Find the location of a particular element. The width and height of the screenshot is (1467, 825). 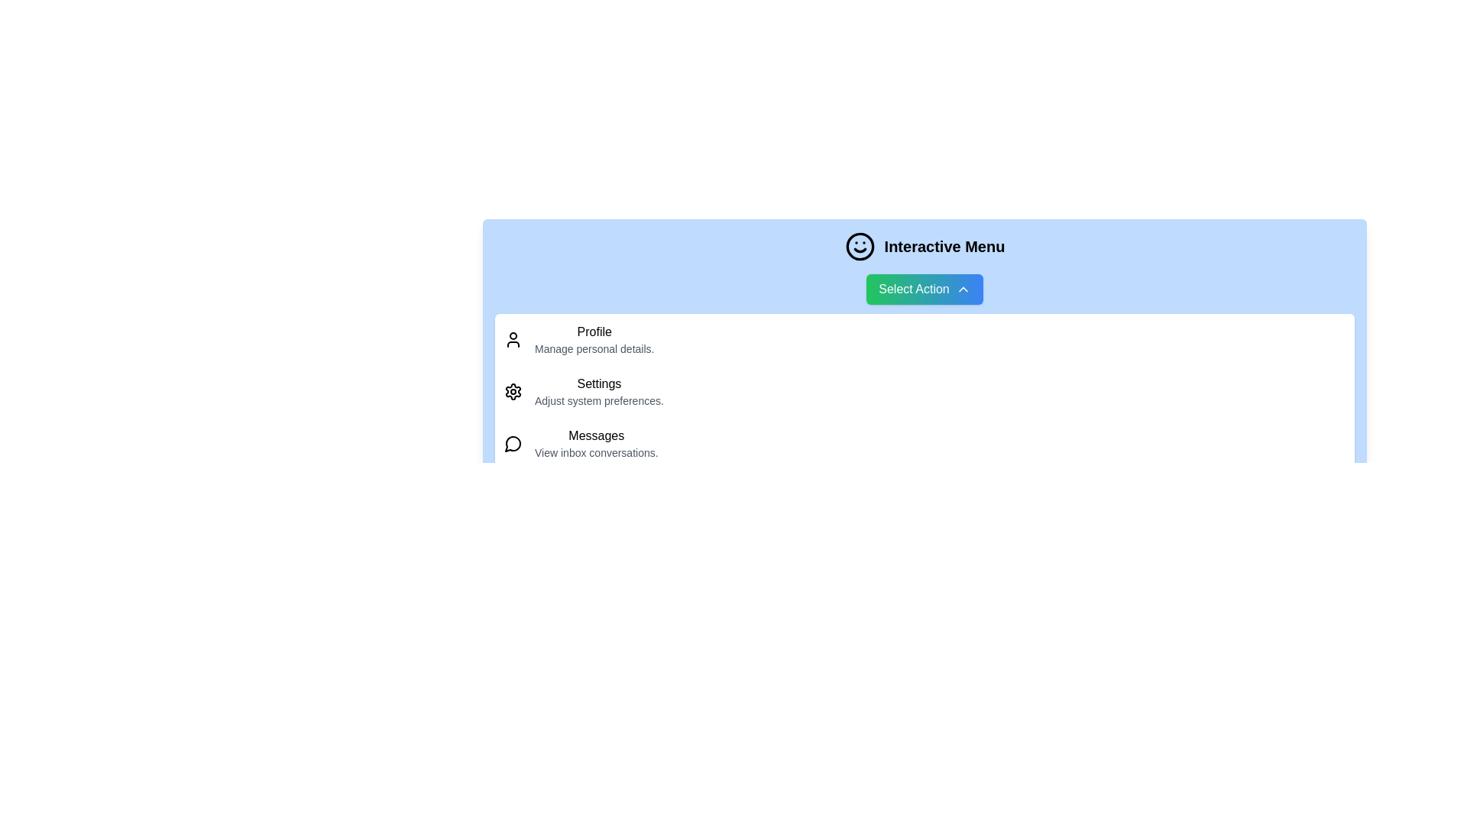

the icon corresponding to Settings to interact with it is located at coordinates (513, 391).